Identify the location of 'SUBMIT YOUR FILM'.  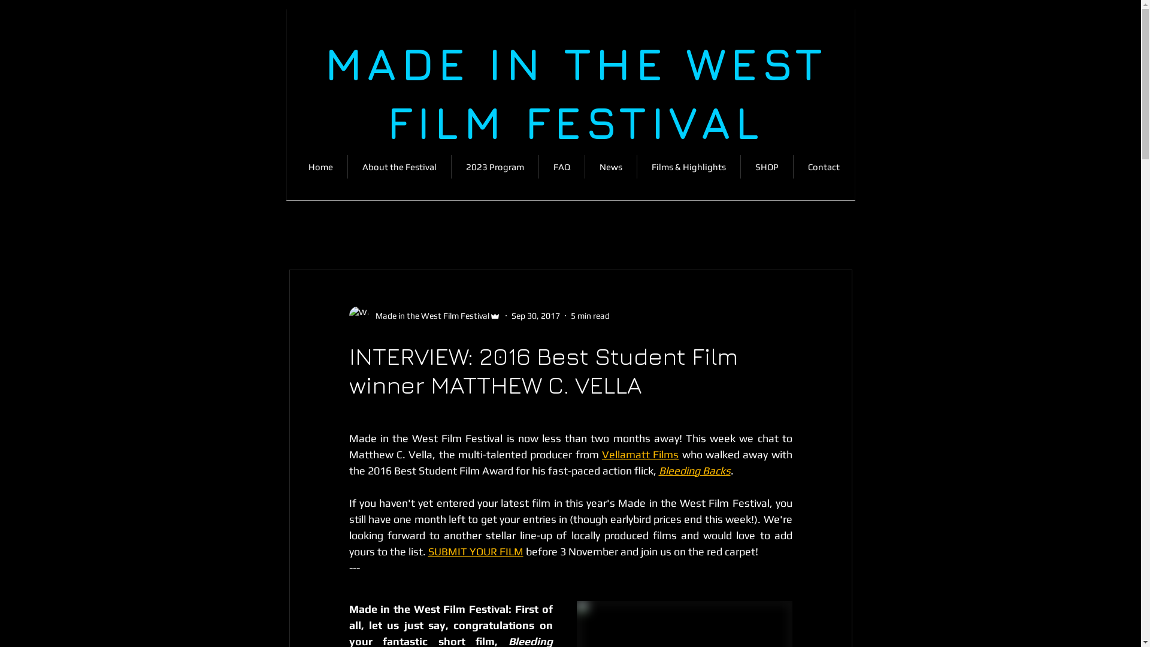
(474, 551).